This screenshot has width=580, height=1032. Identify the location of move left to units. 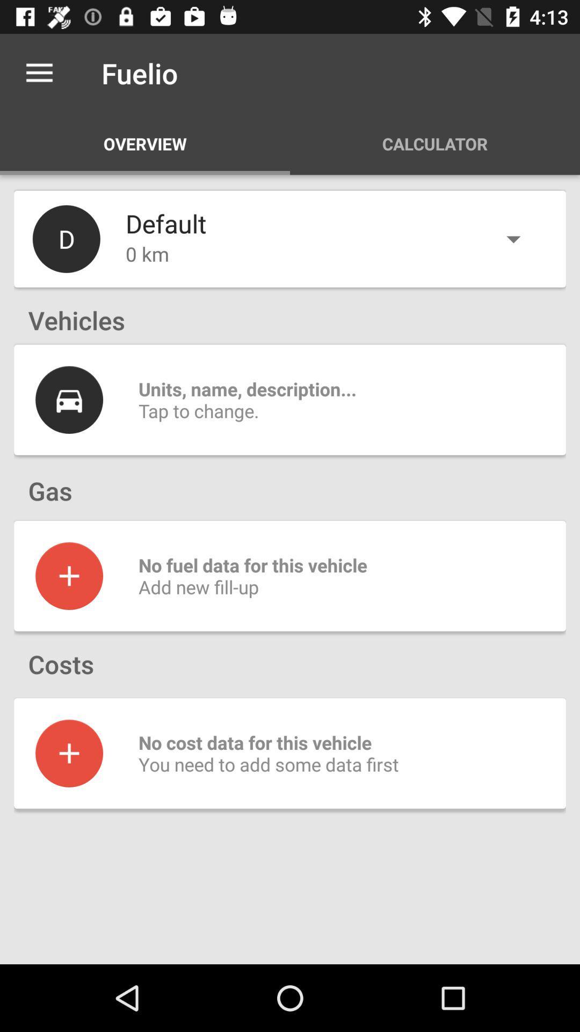
(69, 399).